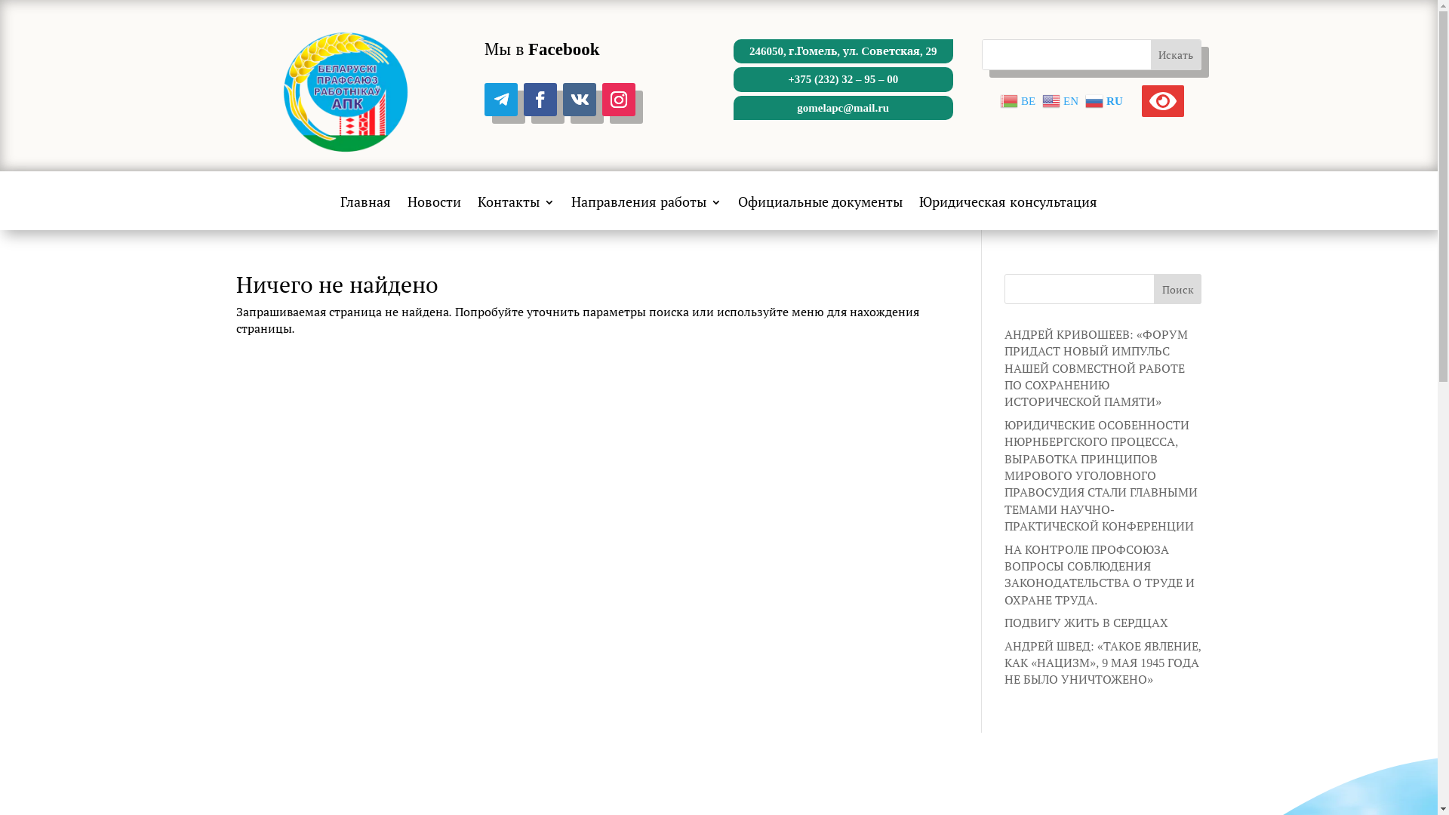  Describe the element at coordinates (1019, 100) in the screenshot. I see `'BE'` at that location.